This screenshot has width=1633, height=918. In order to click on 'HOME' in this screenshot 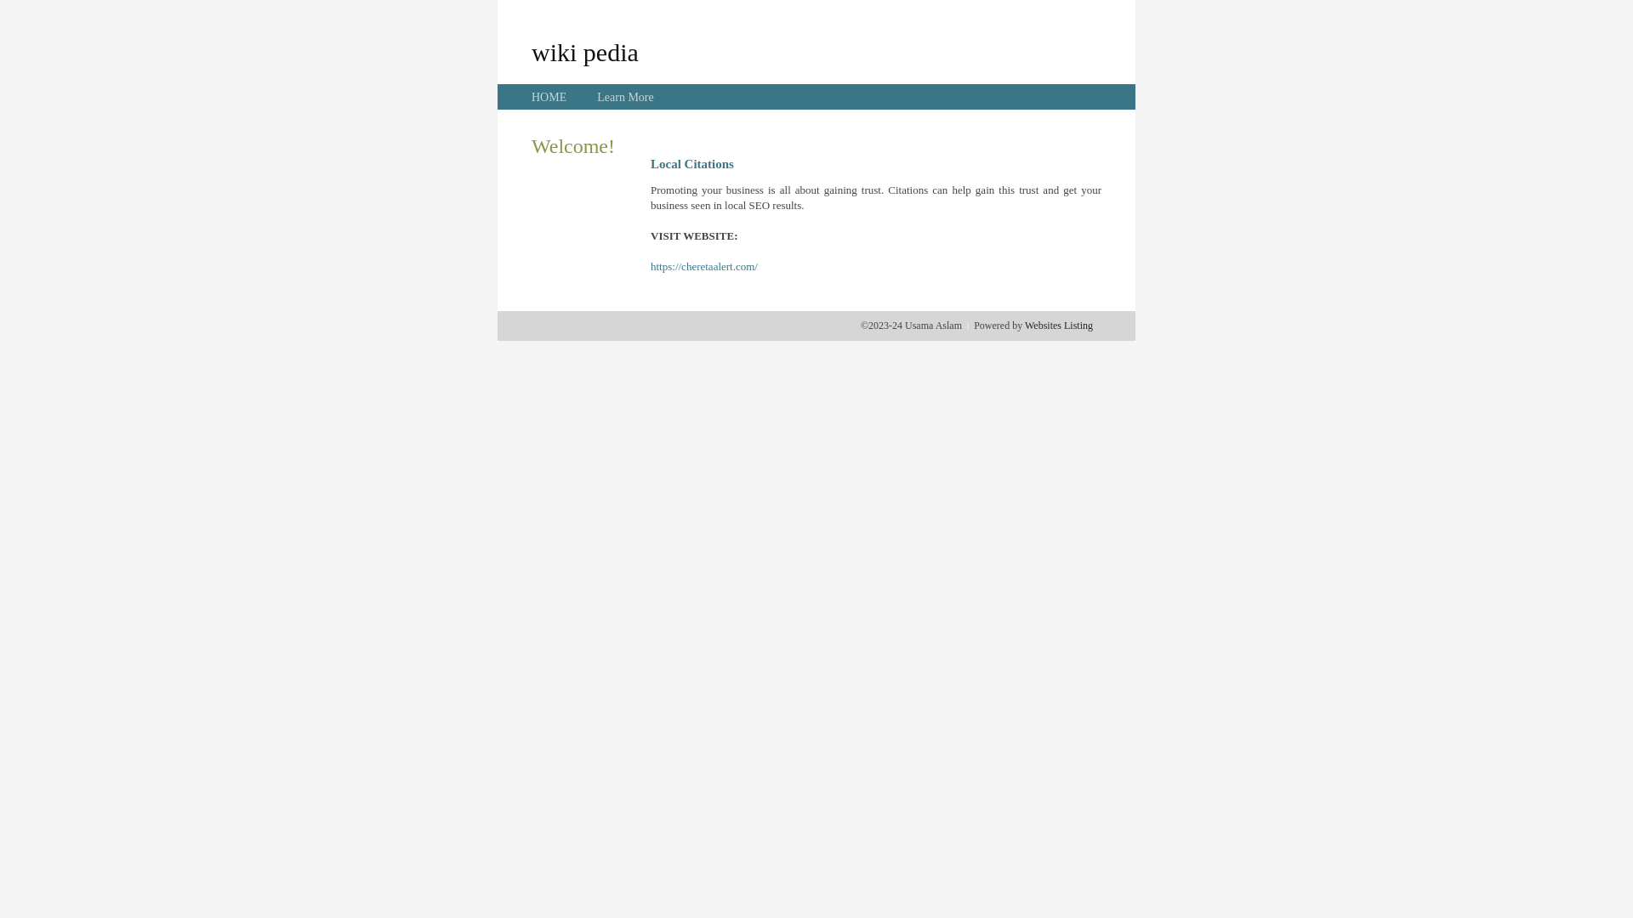, I will do `click(549, 97)`.